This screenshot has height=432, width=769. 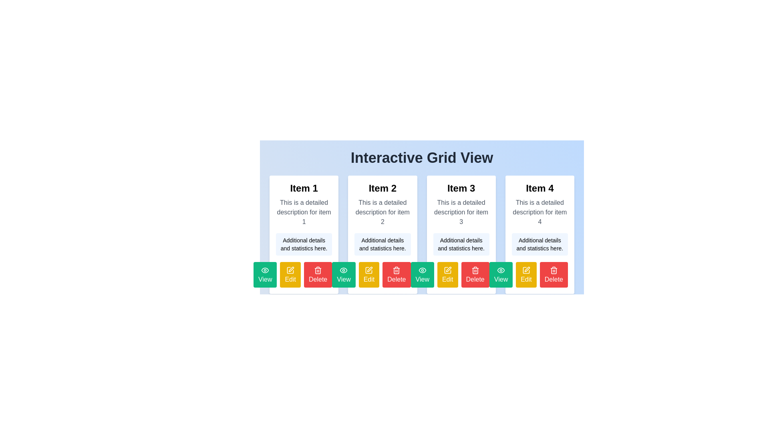 I want to click on the pencil icon representing editing functionality for 'Item 3' to initiate an edit action, so click(x=449, y=269).